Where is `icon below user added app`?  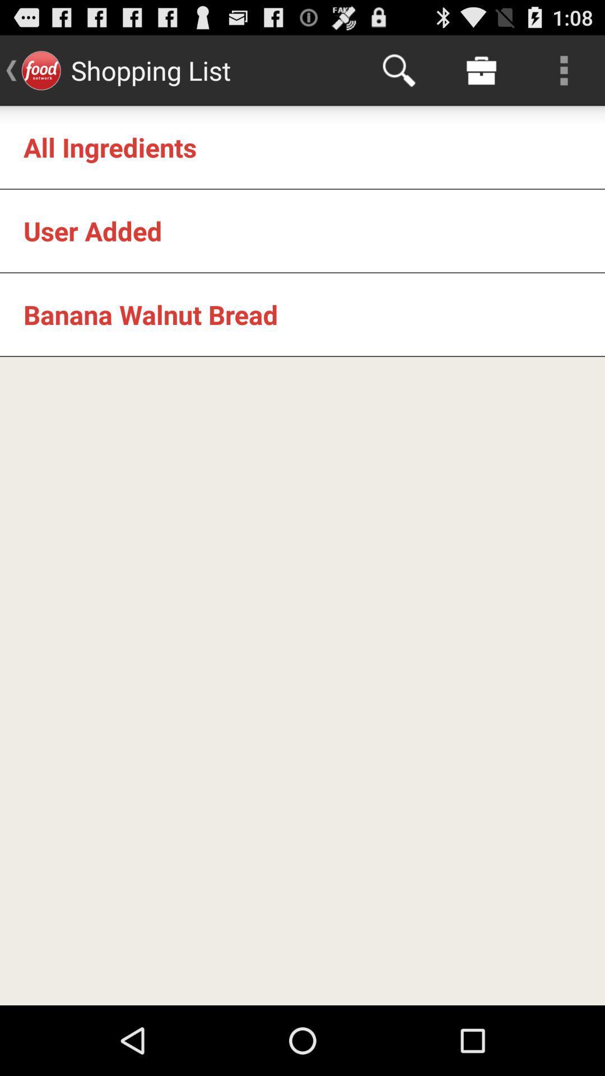
icon below user added app is located at coordinates (150, 314).